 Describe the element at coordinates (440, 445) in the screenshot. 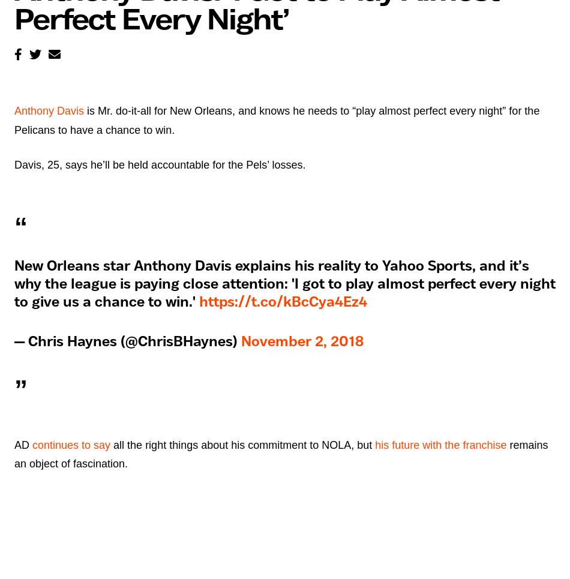

I see `'his future with the franchise'` at that location.